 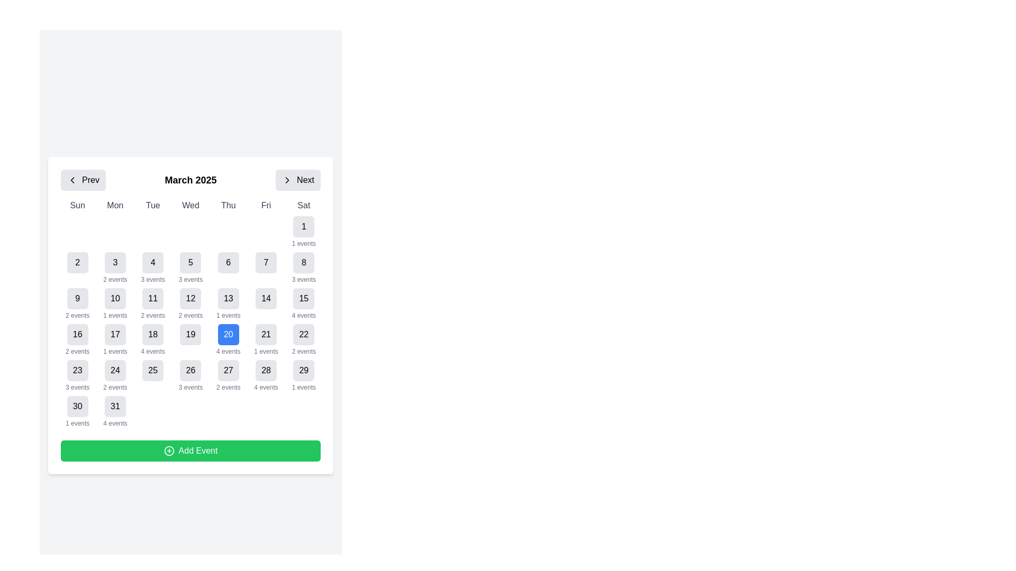 What do you see at coordinates (77, 206) in the screenshot?
I see `the 'Sunday' text label, which is the first column label of the calendar grid layout` at bounding box center [77, 206].